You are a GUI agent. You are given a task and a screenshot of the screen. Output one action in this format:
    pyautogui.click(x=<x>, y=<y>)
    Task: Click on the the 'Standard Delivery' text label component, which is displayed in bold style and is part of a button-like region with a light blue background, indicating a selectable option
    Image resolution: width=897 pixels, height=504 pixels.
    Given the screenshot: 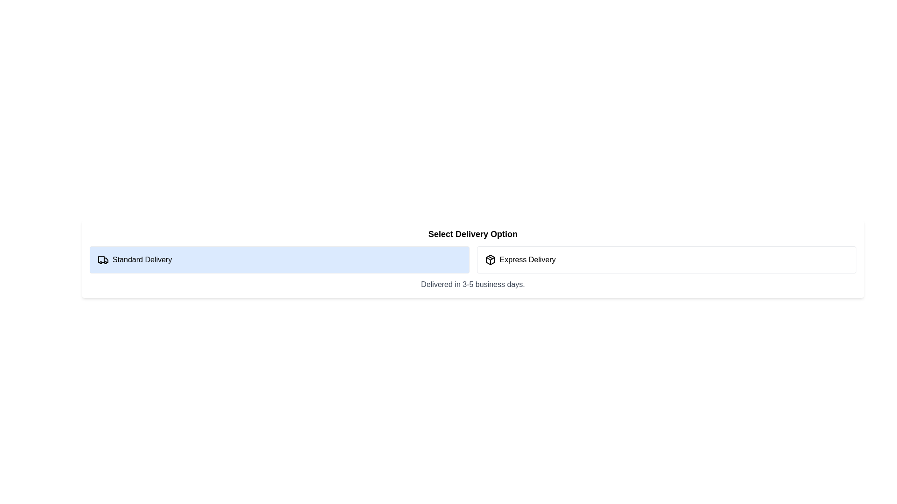 What is the action you would take?
    pyautogui.click(x=142, y=259)
    